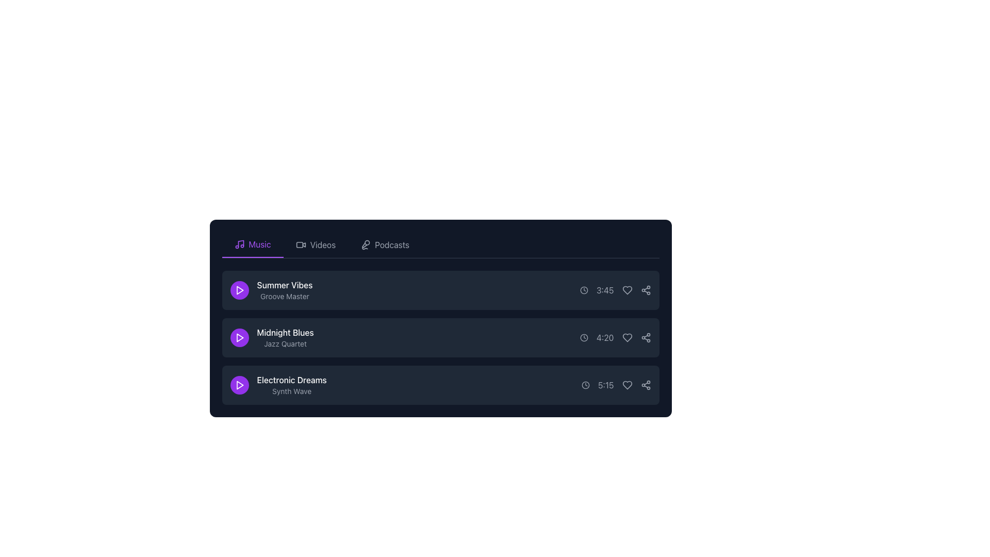 This screenshot has height=557, width=990. What do you see at coordinates (384, 244) in the screenshot?
I see `the 'Podcasts' button, which features a microphone icon and is located as the third item in a dark-themed horizontal toolbar` at bounding box center [384, 244].